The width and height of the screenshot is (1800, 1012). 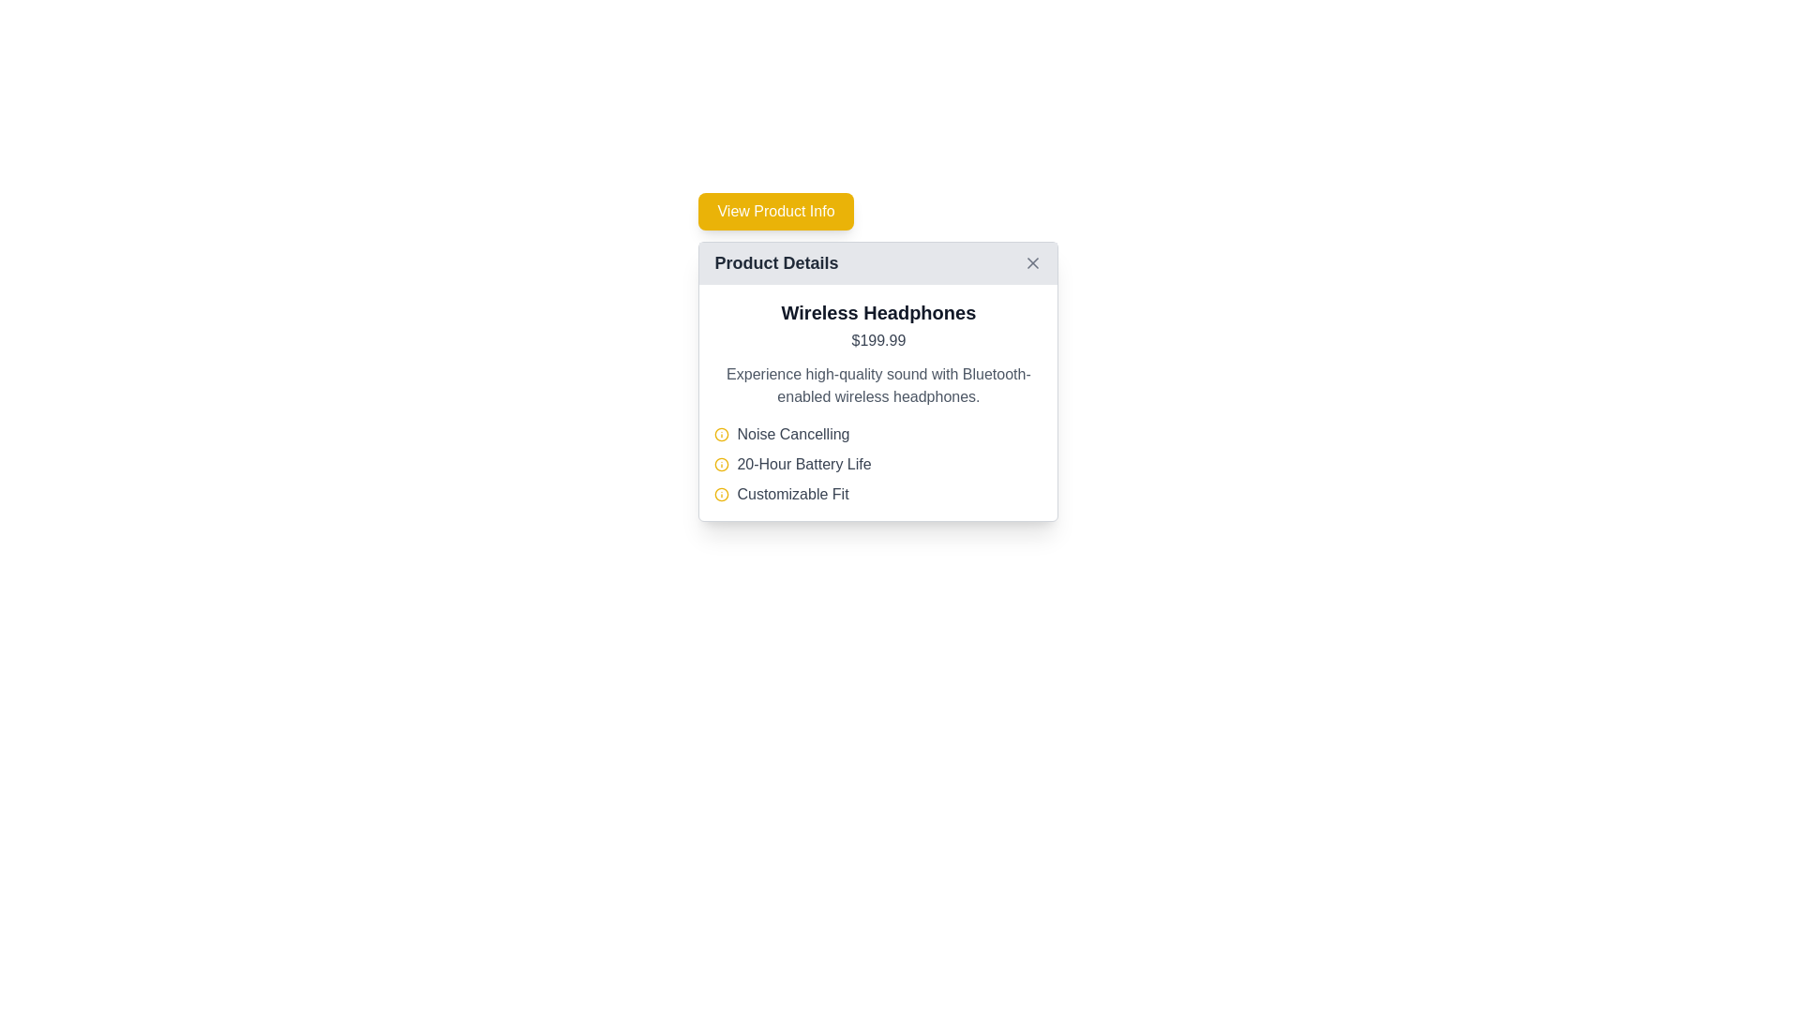 What do you see at coordinates (721, 464) in the screenshot?
I see `the circular yellow information icon located to the left of the text '20-Hour Battery Life' in the 'Product Details' card for accessibility` at bounding box center [721, 464].